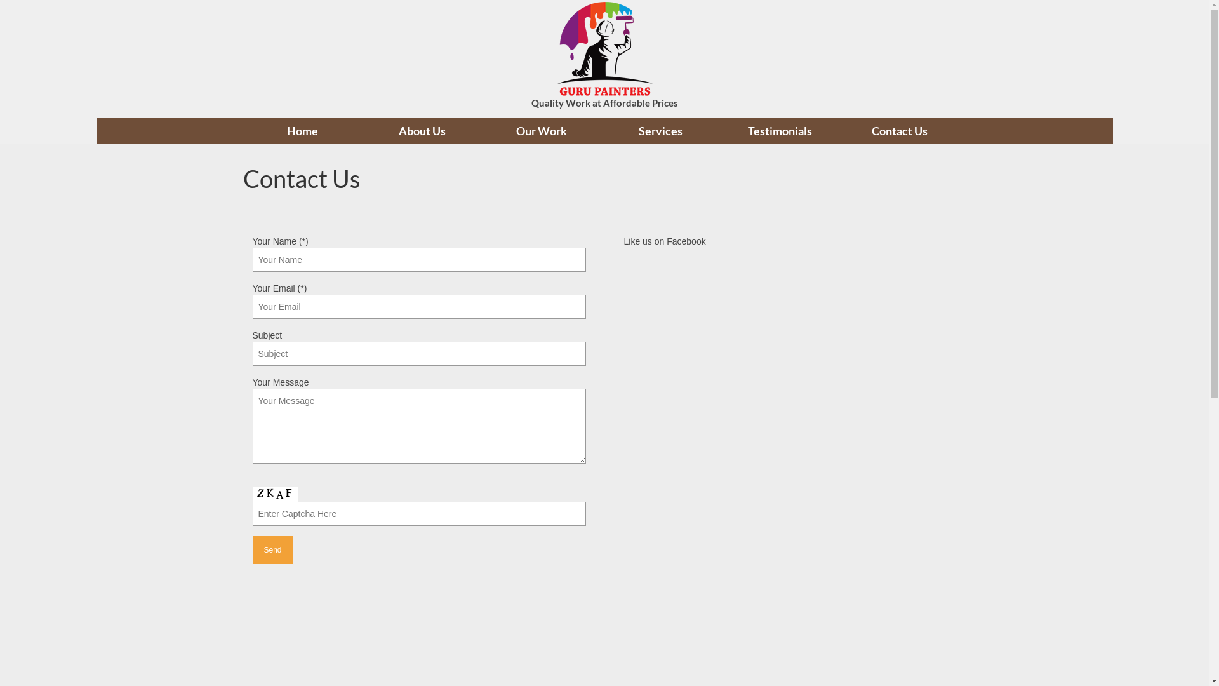 The image size is (1219, 686). I want to click on 'Send', so click(253, 549).